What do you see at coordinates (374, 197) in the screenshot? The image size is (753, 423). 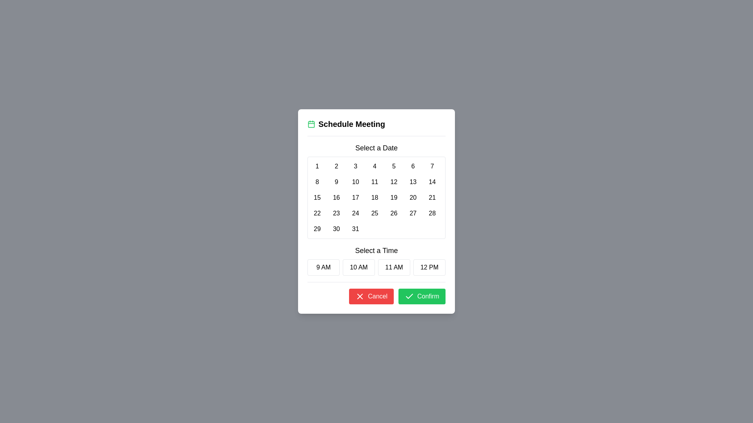 I see `the interactive button representing the 18th day in the calendar` at bounding box center [374, 197].